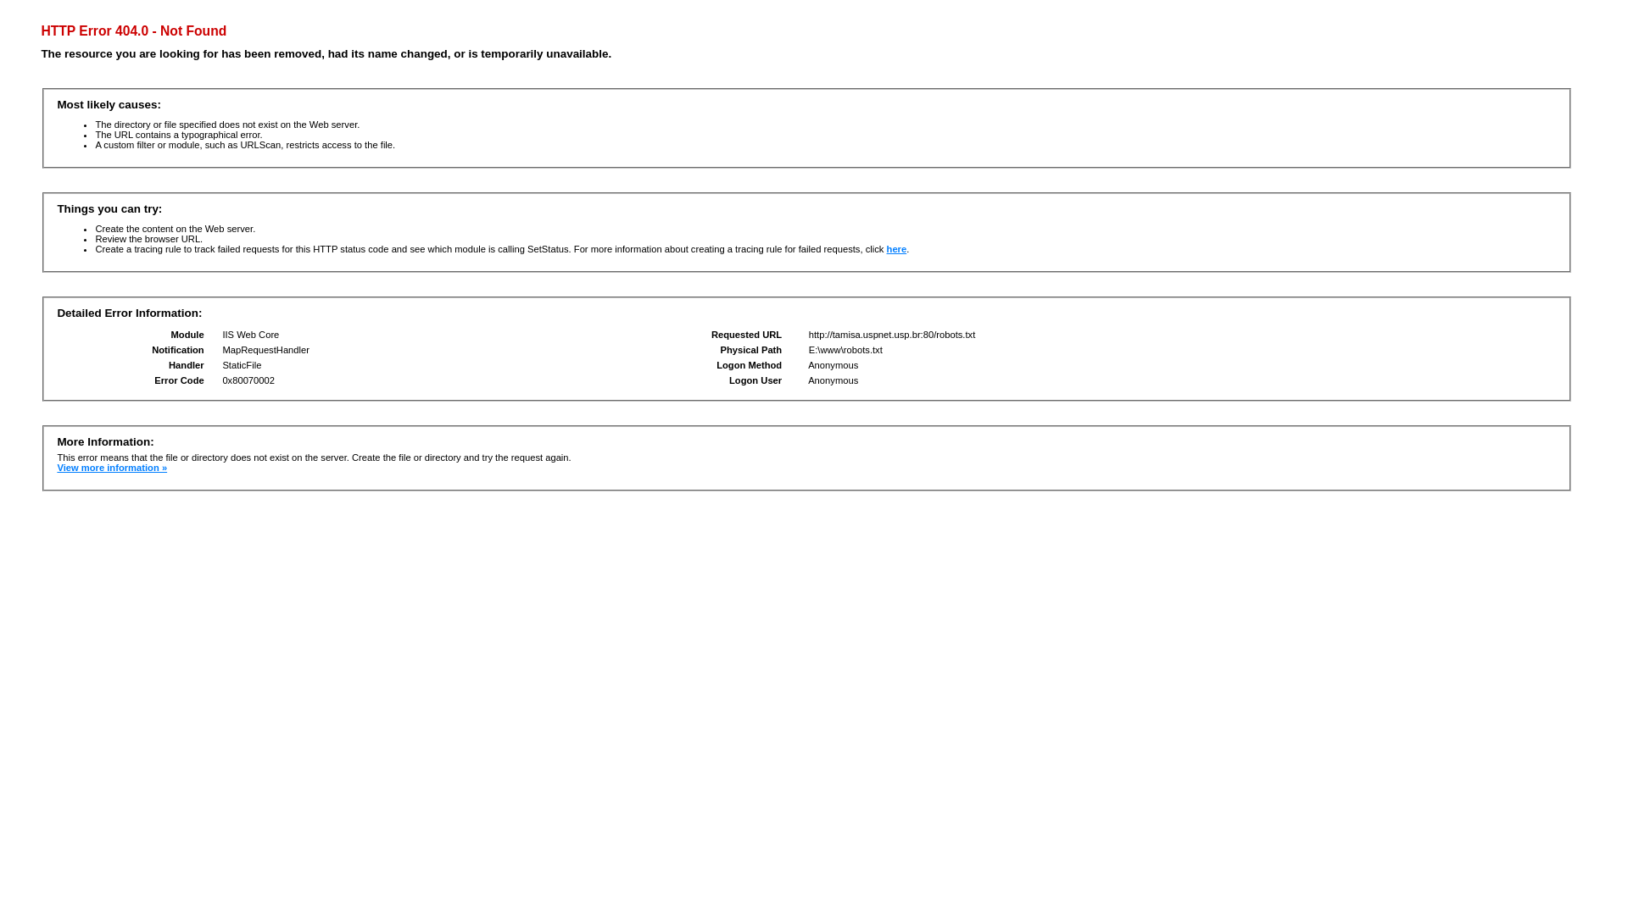  What do you see at coordinates (895, 248) in the screenshot?
I see `'here'` at bounding box center [895, 248].